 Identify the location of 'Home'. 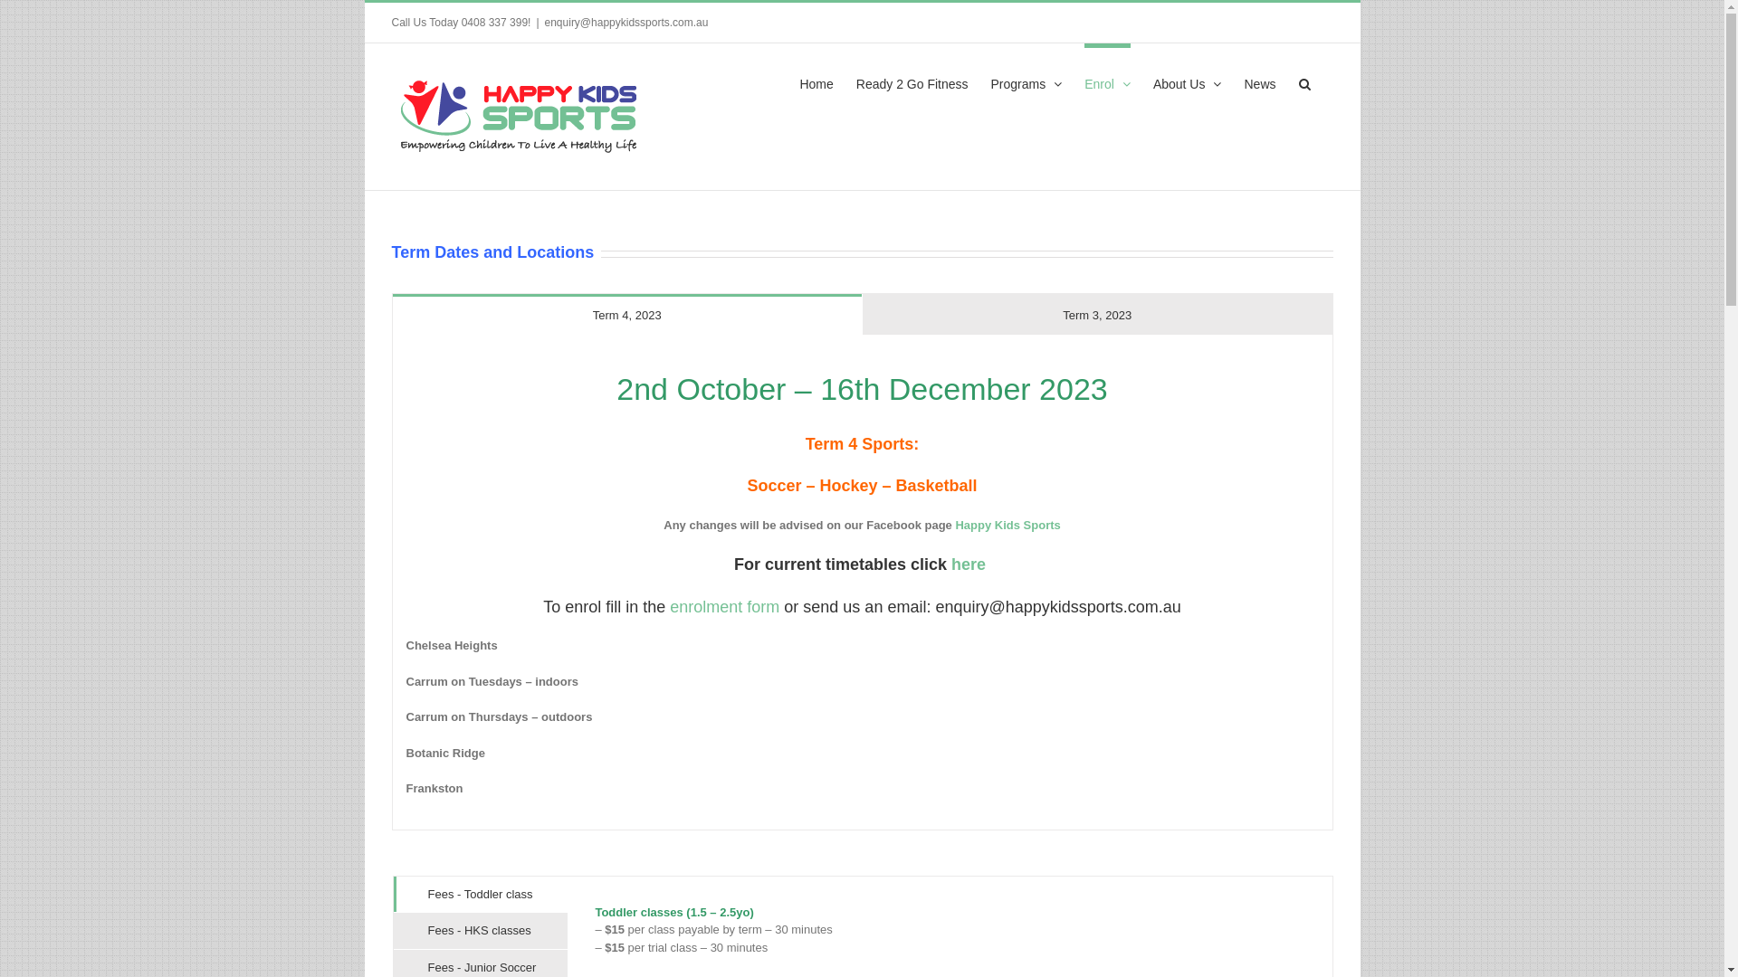
(798, 80).